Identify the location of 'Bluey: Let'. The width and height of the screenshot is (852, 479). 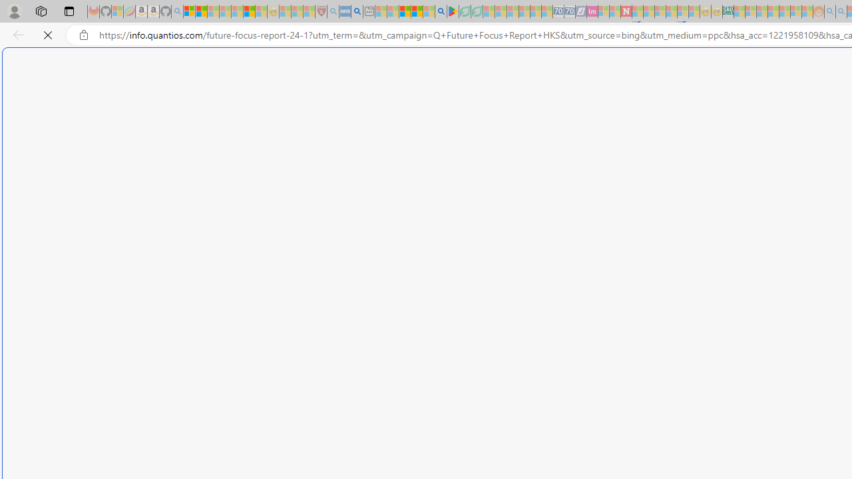
(453, 11).